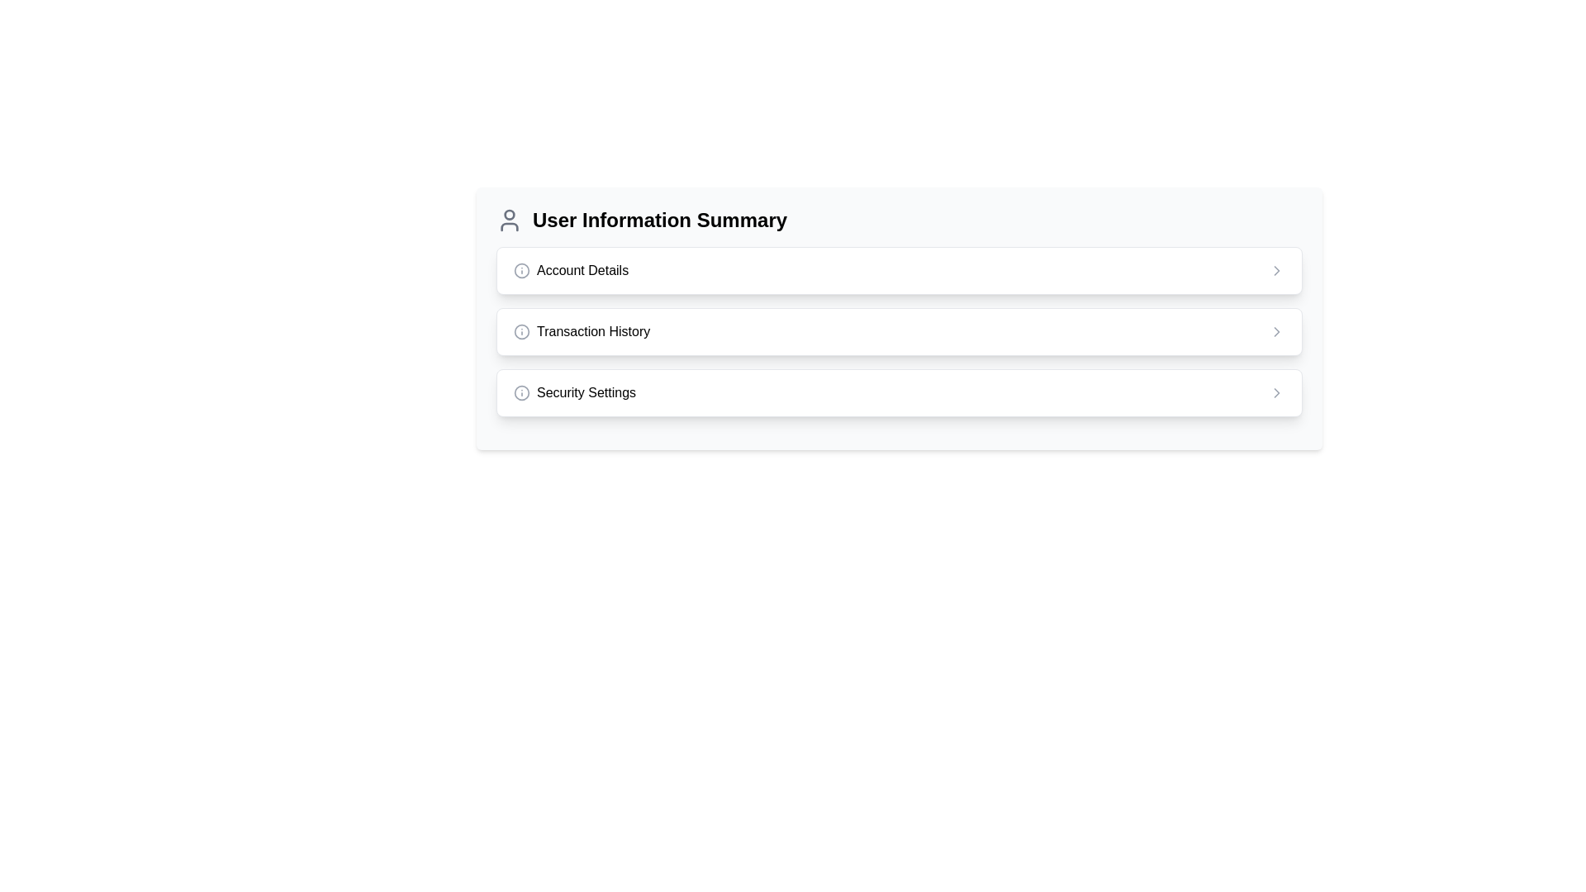 The image size is (1586, 892). I want to click on the chevron icon indicating navigation for the 'Security Settings' list item, so click(1275, 331).